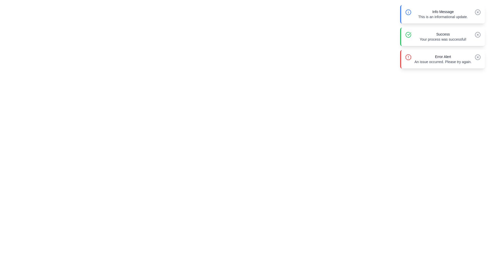 The height and width of the screenshot is (276, 490). I want to click on the topmost static notification banner with a white background and blue left border, which contains the text 'Info Message' and a close icon on the right, so click(442, 14).